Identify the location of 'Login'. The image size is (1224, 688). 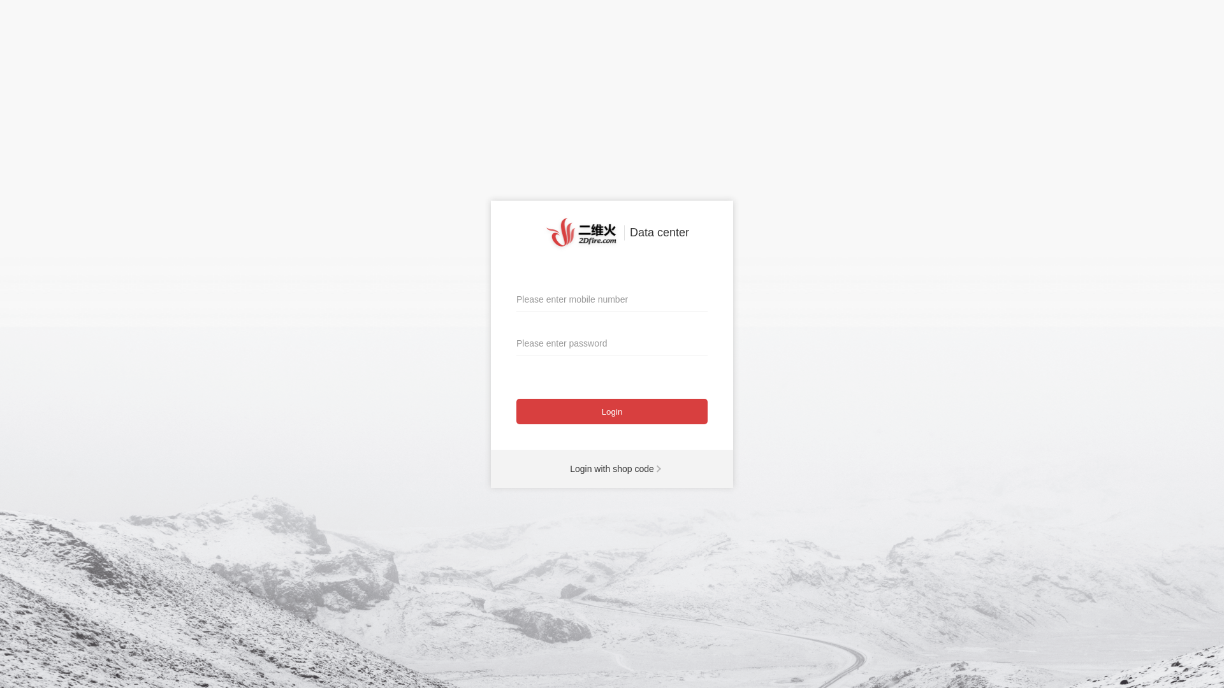
(612, 411).